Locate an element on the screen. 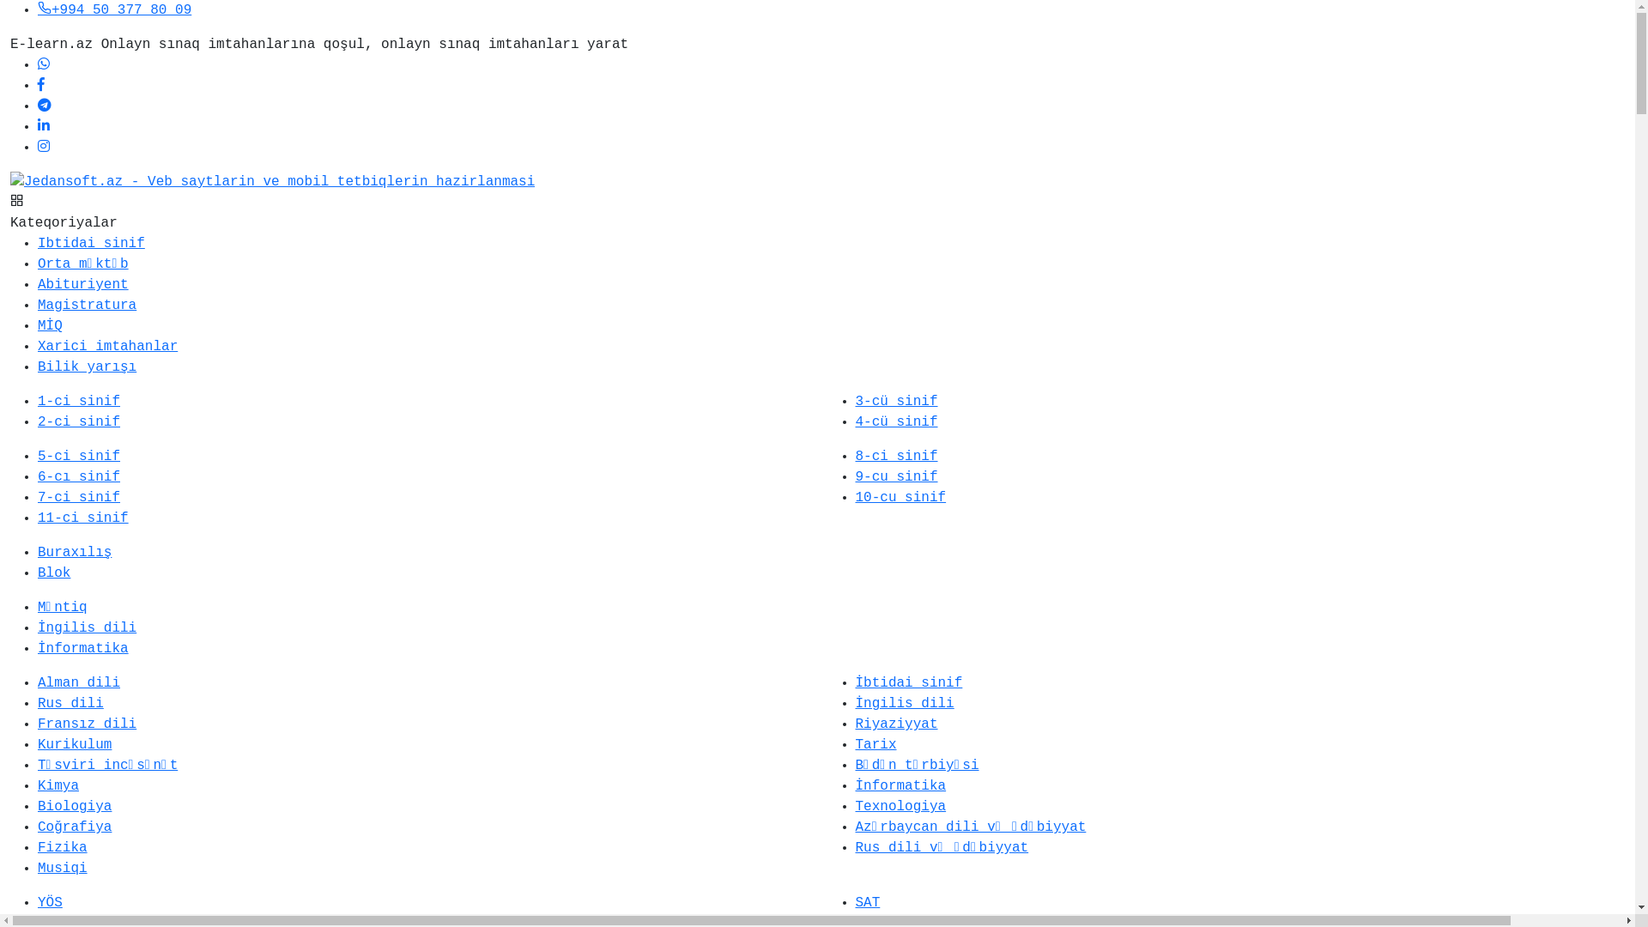  '10-cu sinif' is located at coordinates (900, 497).